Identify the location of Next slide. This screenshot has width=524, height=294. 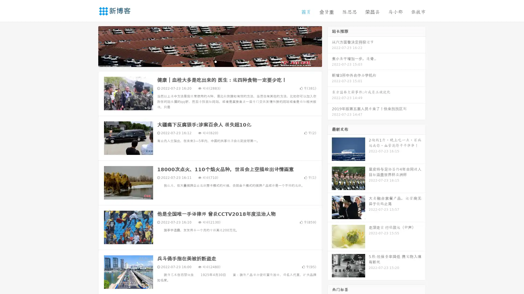
(330, 46).